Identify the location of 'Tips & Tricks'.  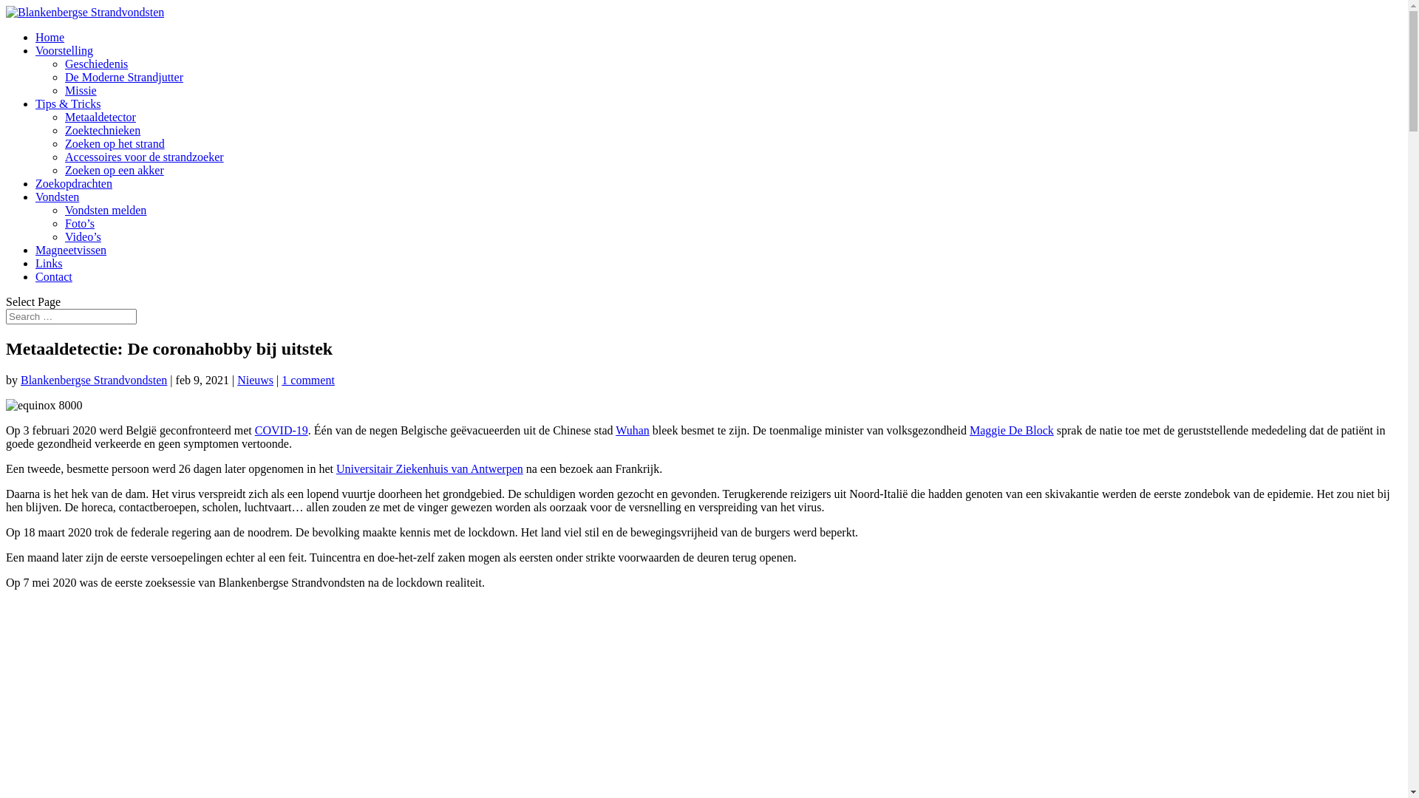
(67, 103).